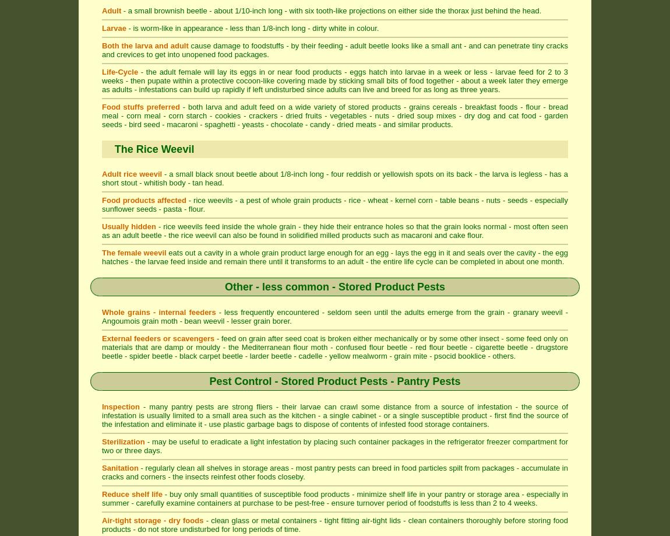  Describe the element at coordinates (153, 149) in the screenshot. I see `'The Rice Weevil'` at that location.